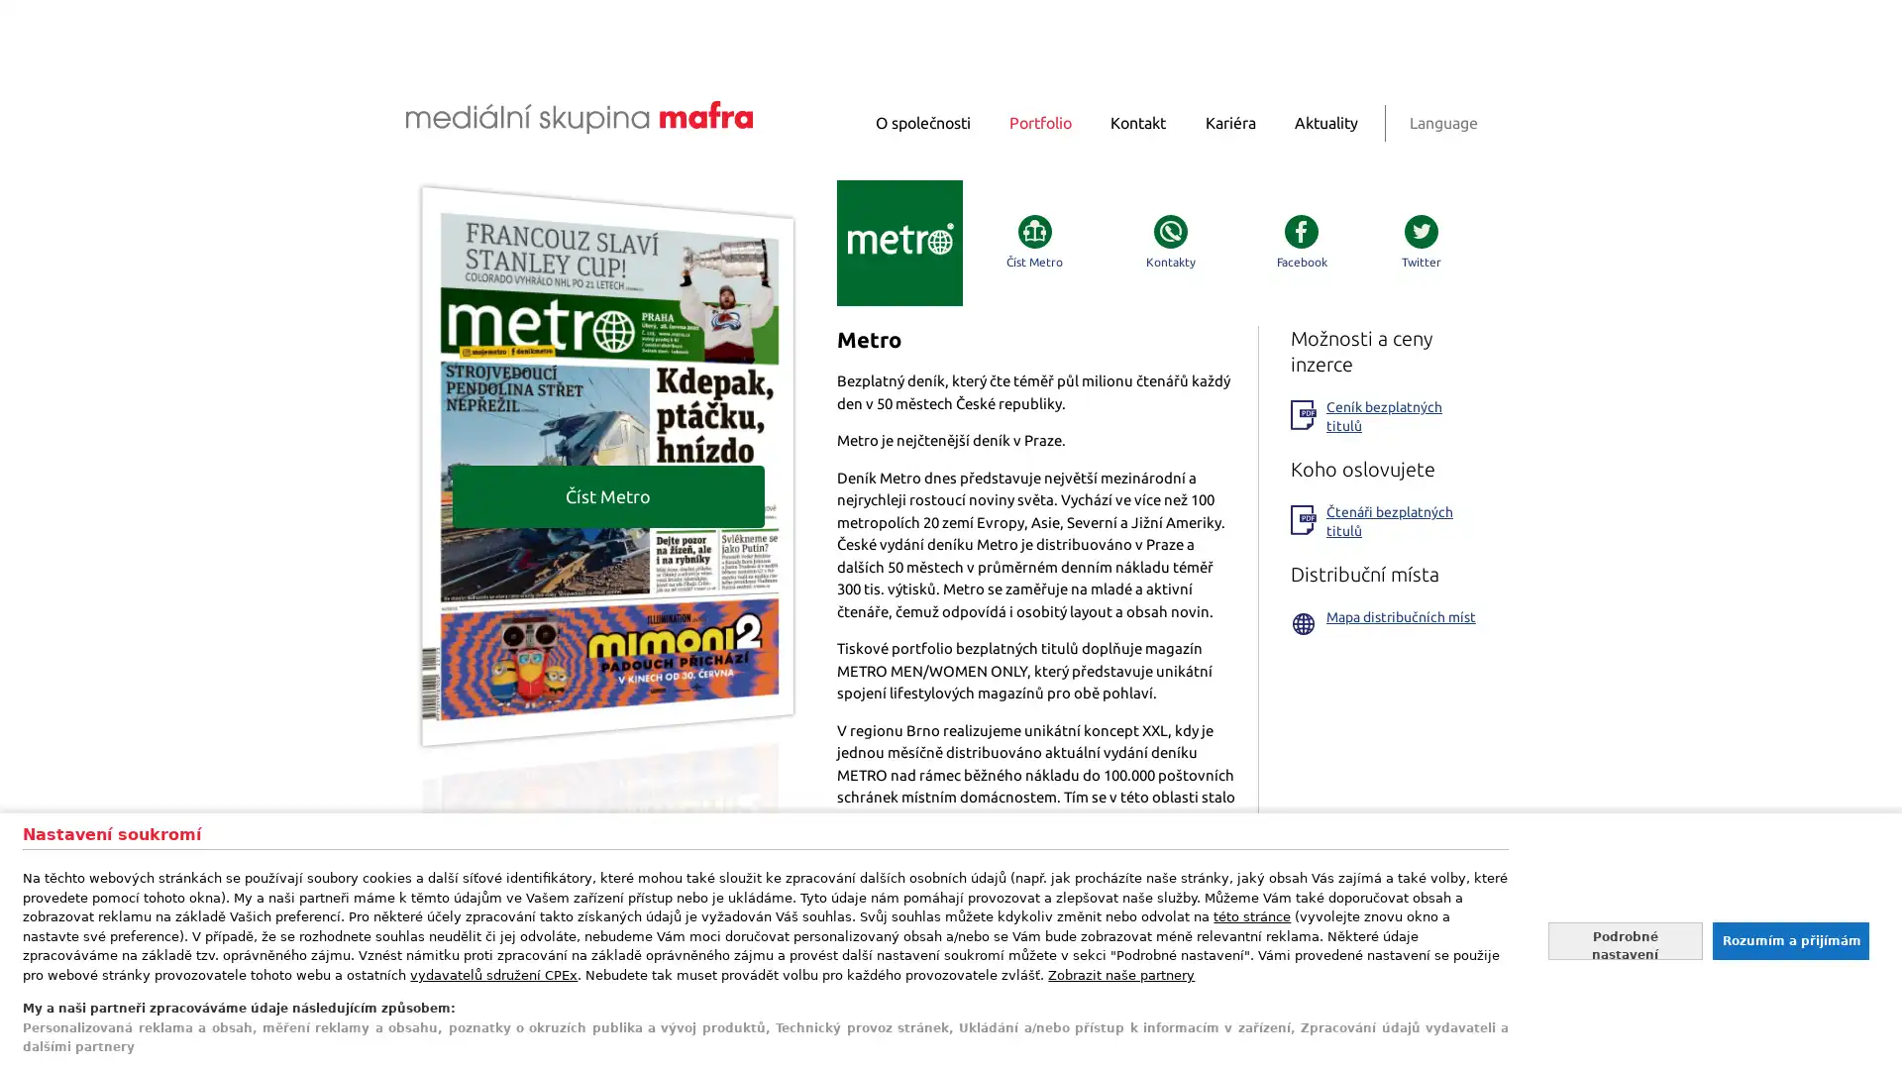  What do you see at coordinates (1121, 973) in the screenshot?
I see `Zobrazit nase partnery` at bounding box center [1121, 973].